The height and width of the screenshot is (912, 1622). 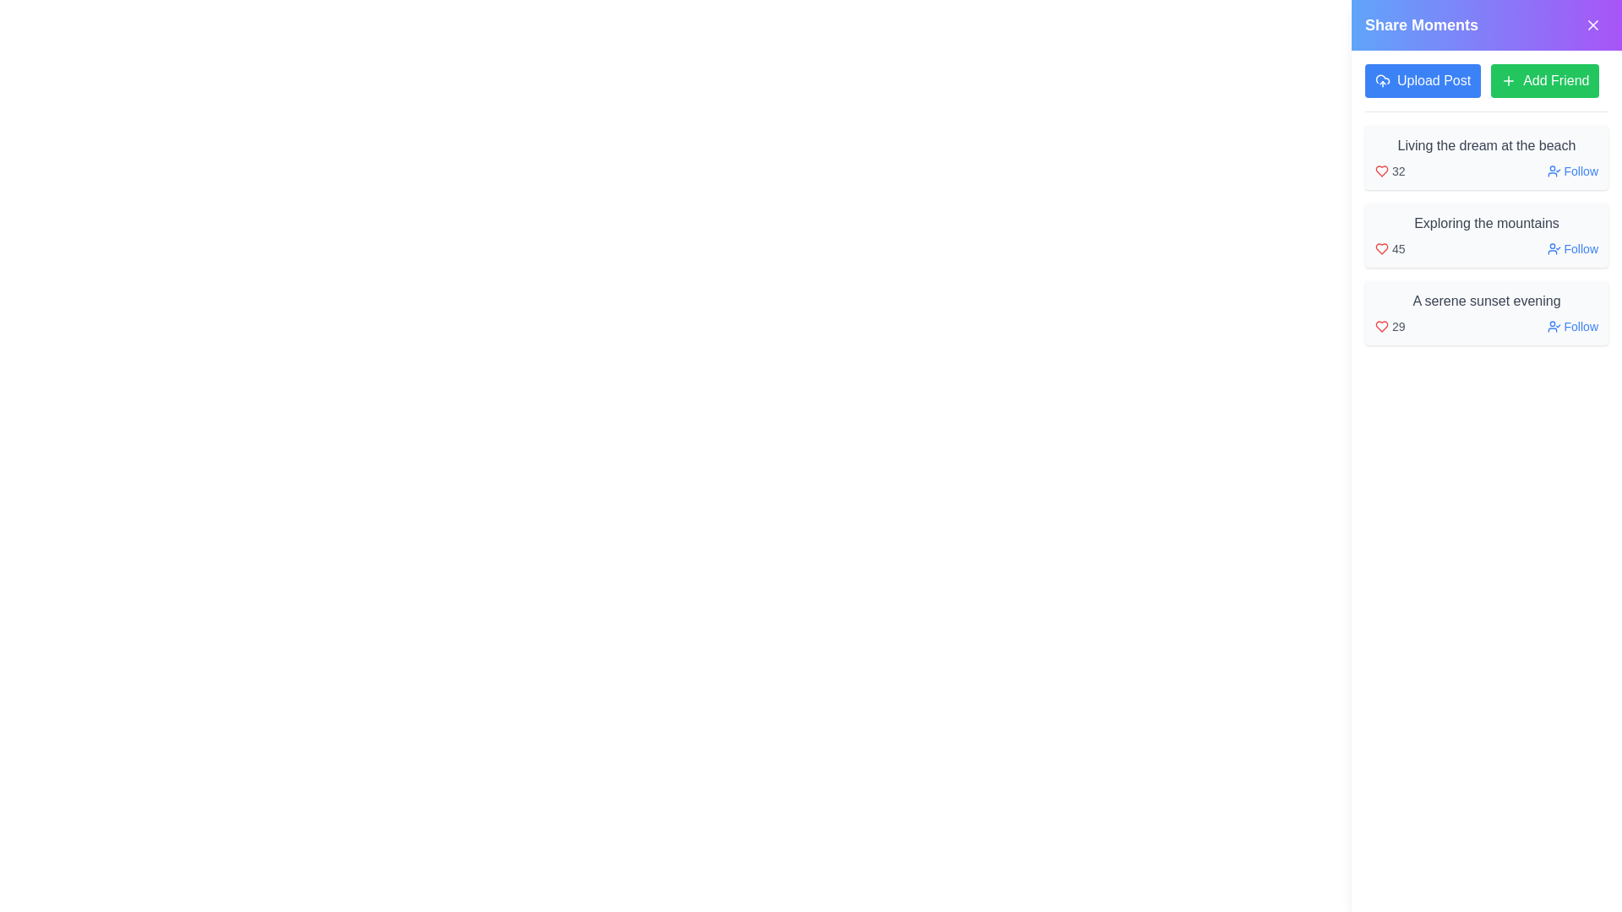 What do you see at coordinates (1555, 81) in the screenshot?
I see `the 'Add Friend' button located in the top-right corner of the 'Share Moments' panel` at bounding box center [1555, 81].